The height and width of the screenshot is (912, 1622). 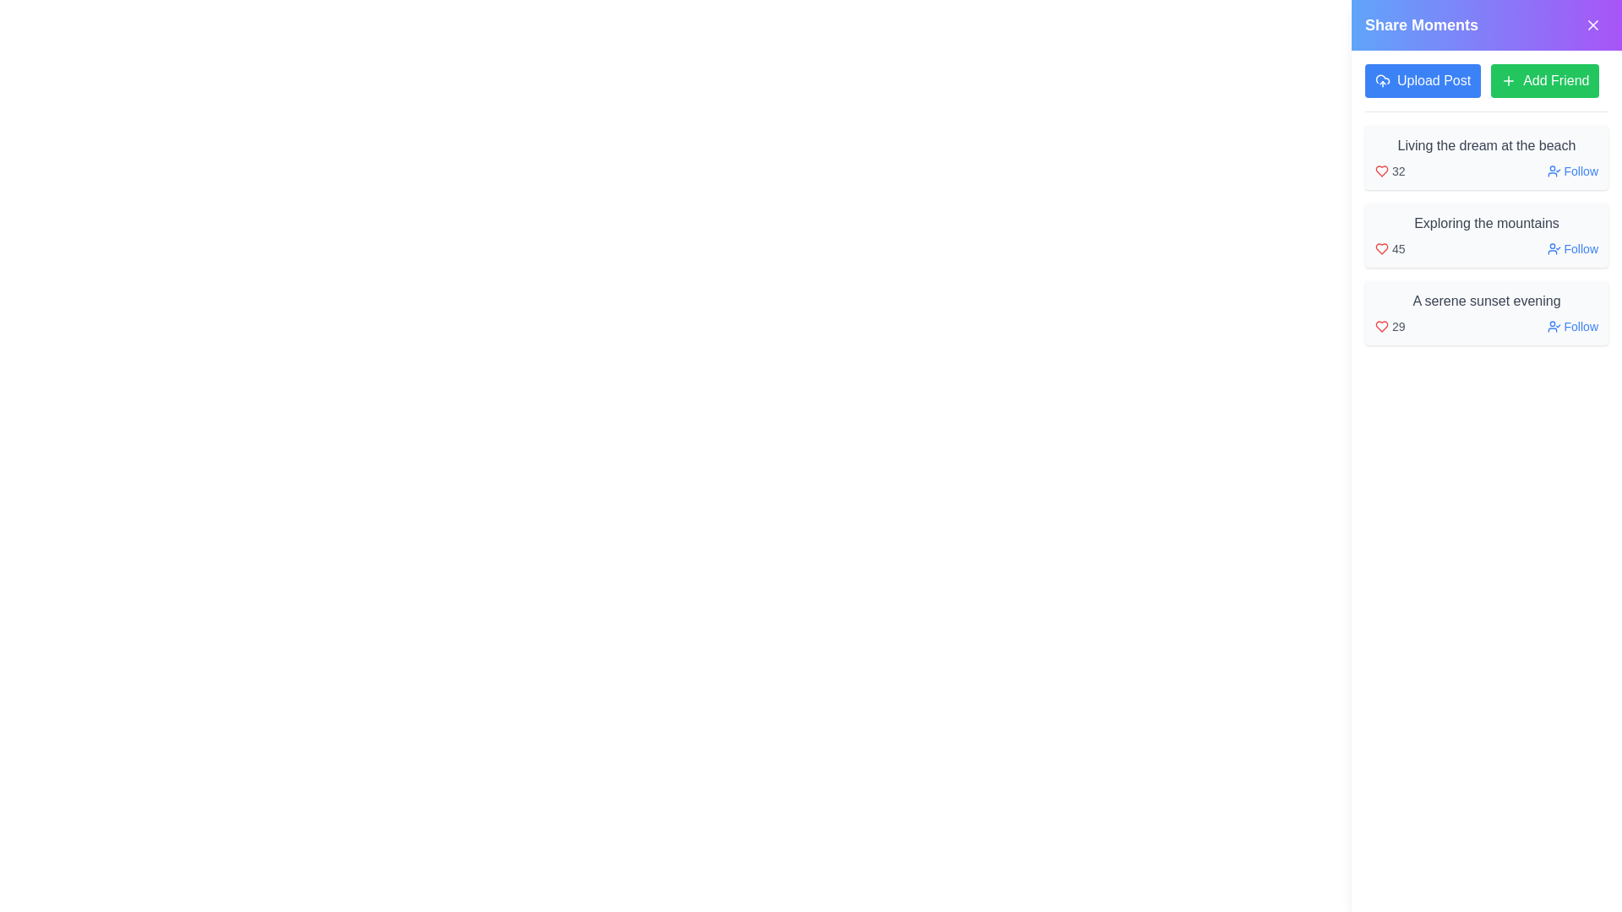 What do you see at coordinates (1555, 81) in the screenshot?
I see `the 'Add Friend' button located in the top-right corner of the 'Share Moments' panel` at bounding box center [1555, 81].